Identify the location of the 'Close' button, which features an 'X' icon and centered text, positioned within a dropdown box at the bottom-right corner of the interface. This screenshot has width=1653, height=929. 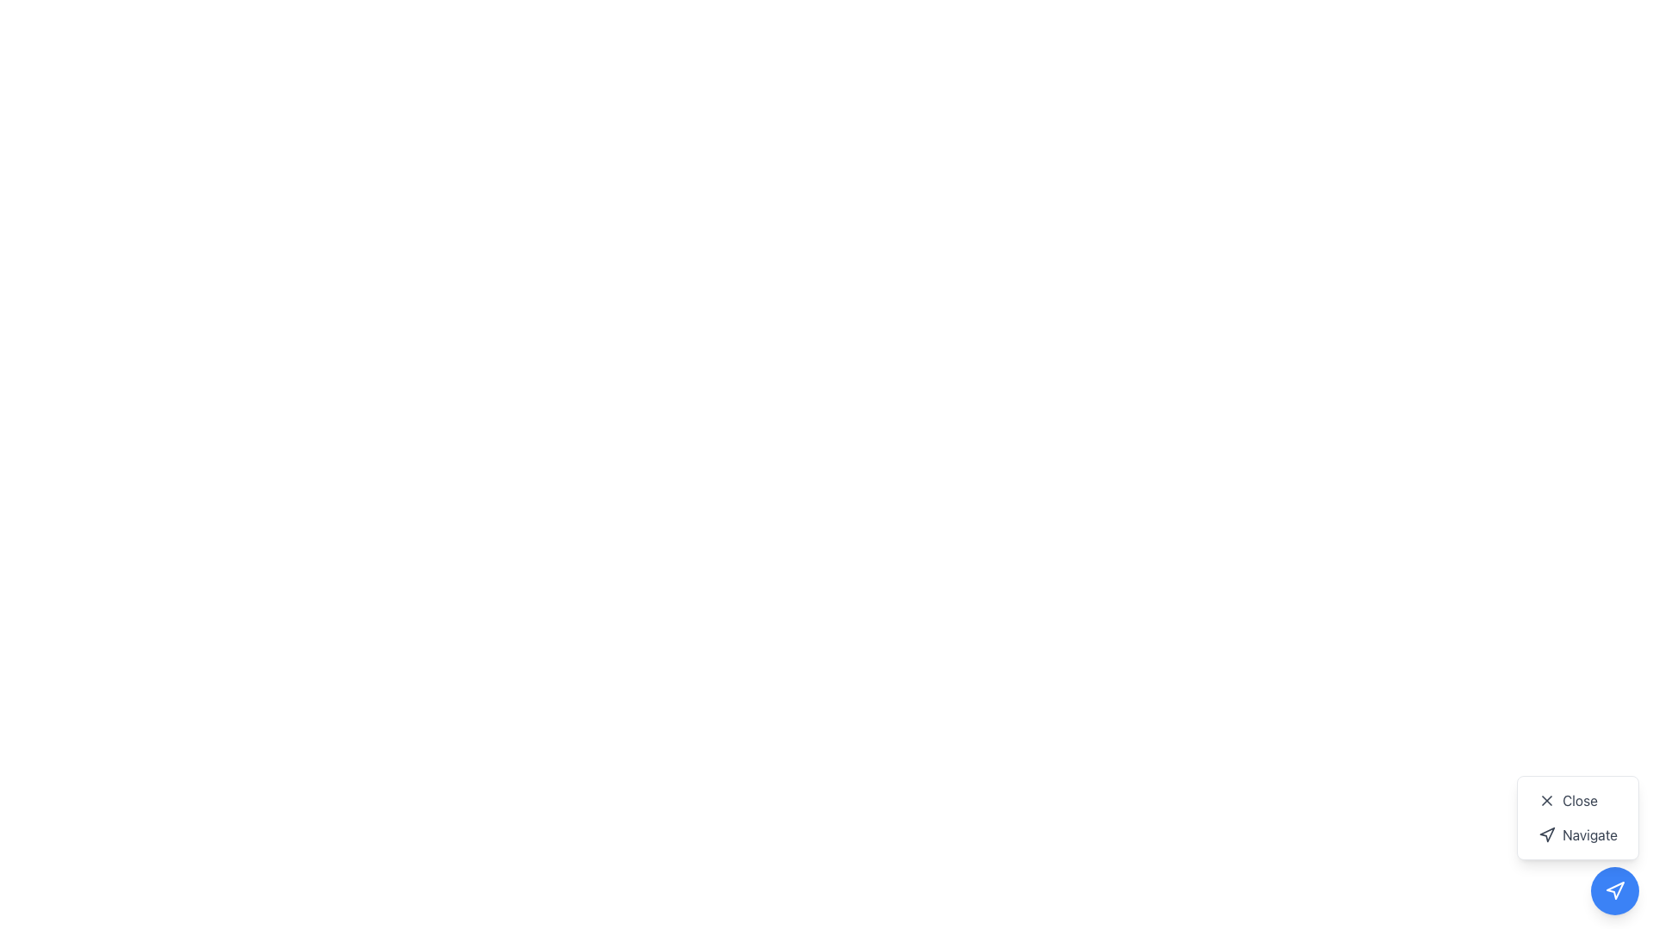
(1578, 800).